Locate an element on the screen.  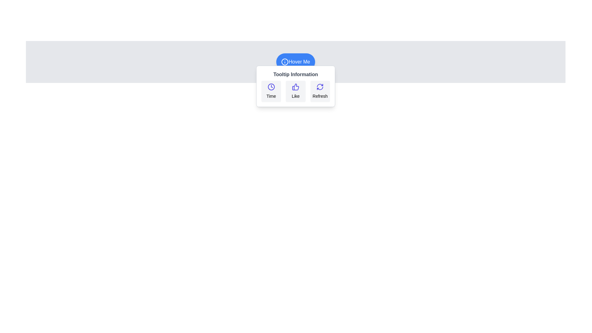
text content of the 'Tooltip Information' label, which is styled in bold gray font and located within the tooltip below the 'Hover Me' button is located at coordinates (295, 74).